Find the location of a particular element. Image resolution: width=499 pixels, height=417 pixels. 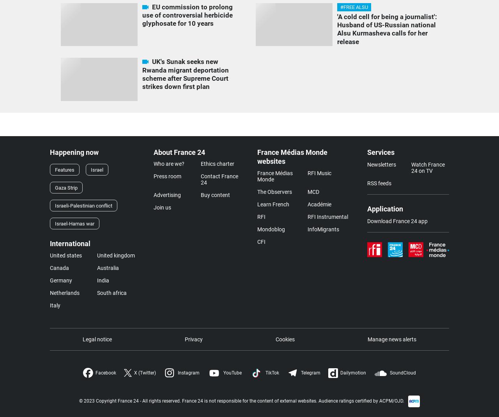

'CFI' is located at coordinates (261, 241).